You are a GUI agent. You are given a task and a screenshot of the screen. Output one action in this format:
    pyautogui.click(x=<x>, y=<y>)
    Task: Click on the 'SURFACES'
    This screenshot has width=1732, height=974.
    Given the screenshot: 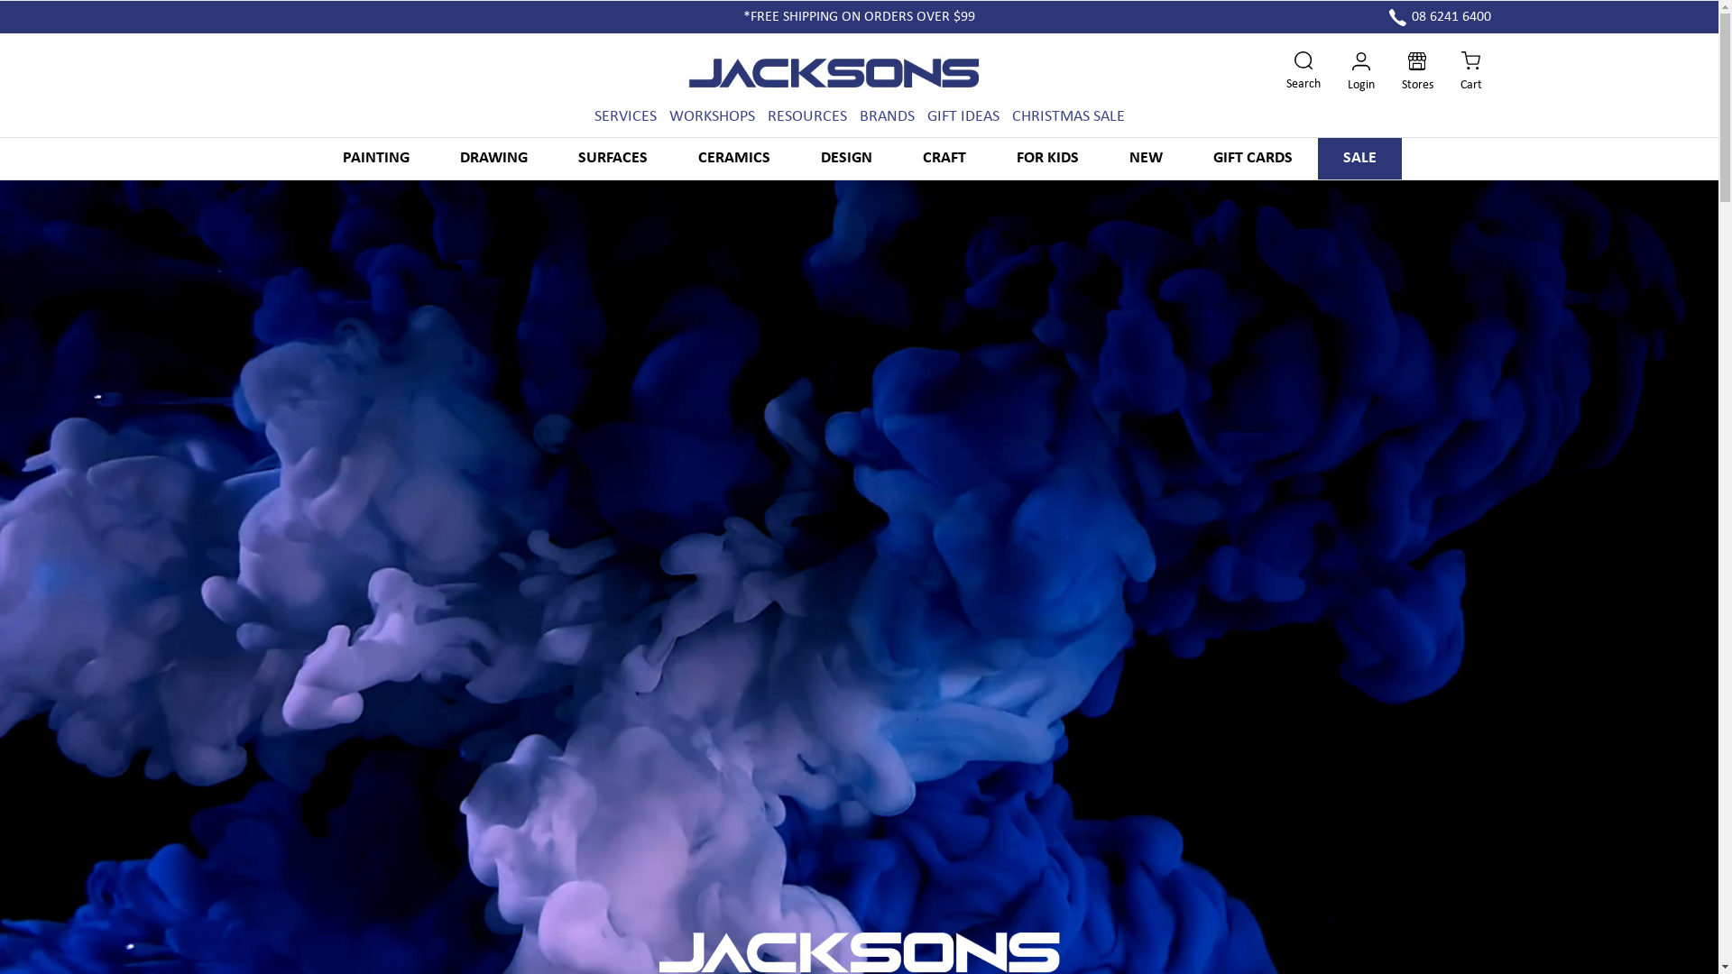 What is the action you would take?
    pyautogui.click(x=612, y=158)
    